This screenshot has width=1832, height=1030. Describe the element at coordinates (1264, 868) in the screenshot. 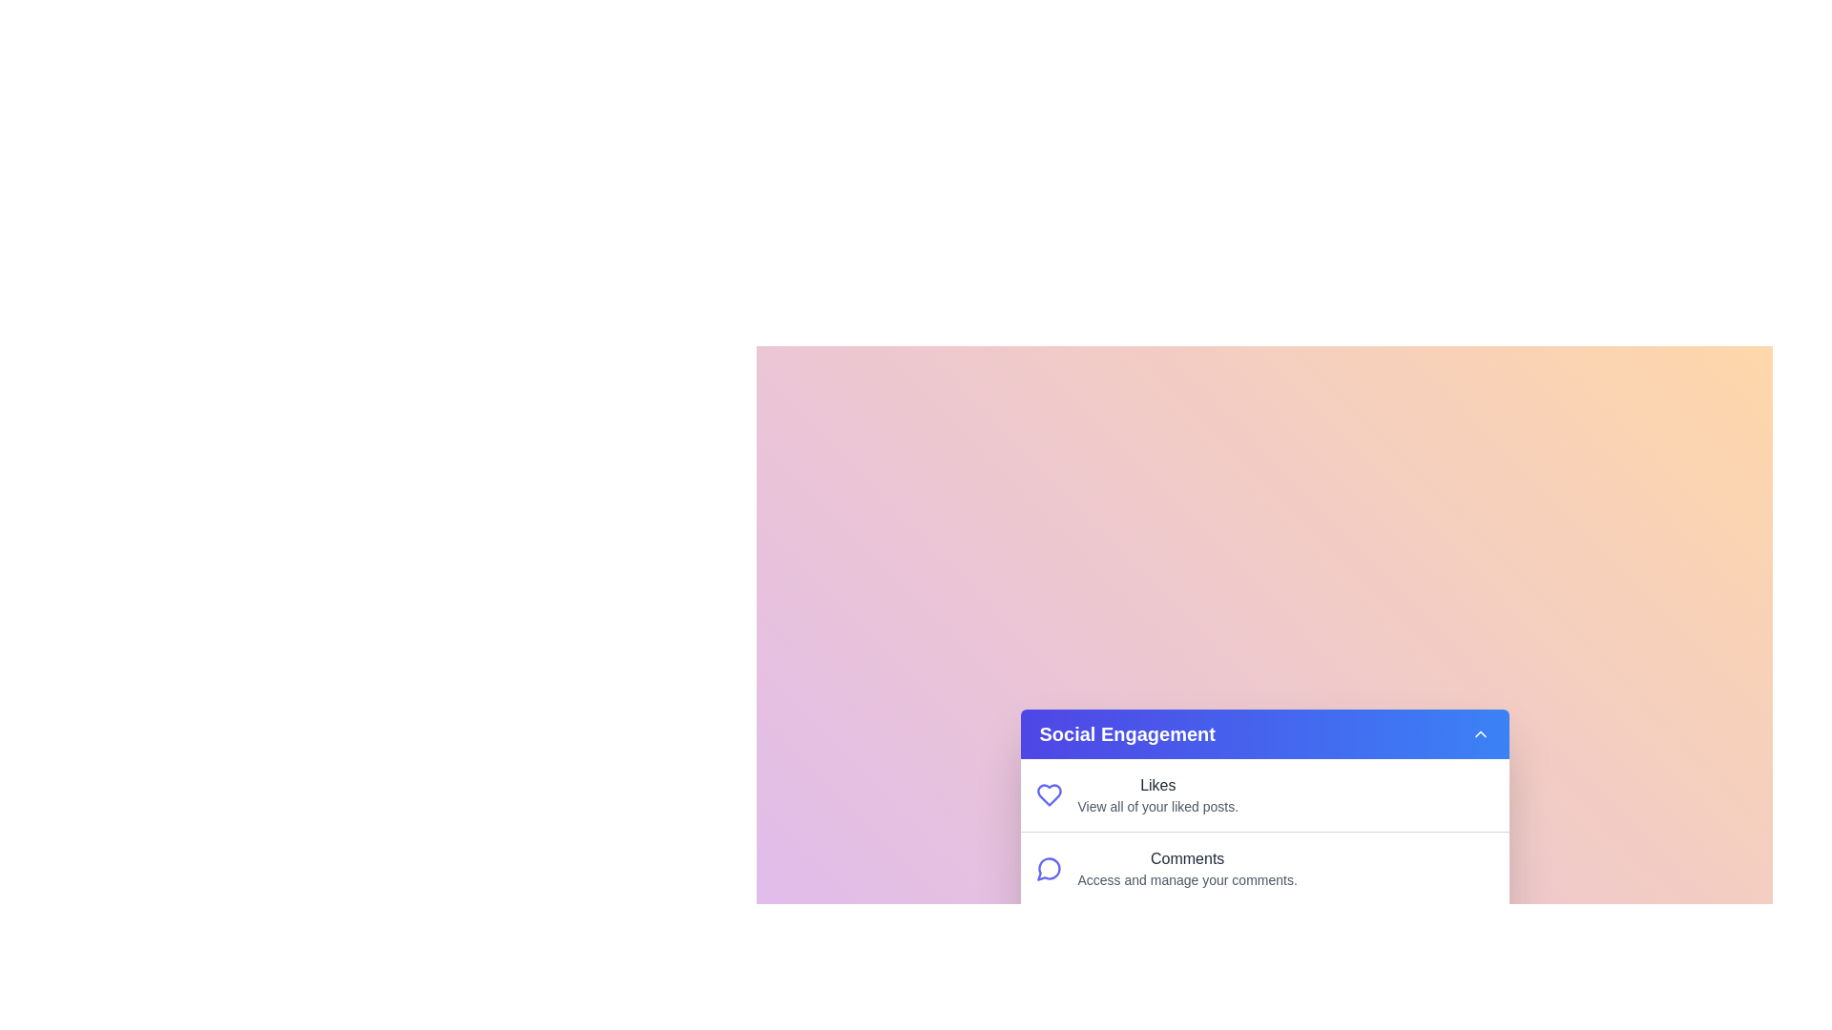

I see `the menu item Comments to highlight it` at that location.